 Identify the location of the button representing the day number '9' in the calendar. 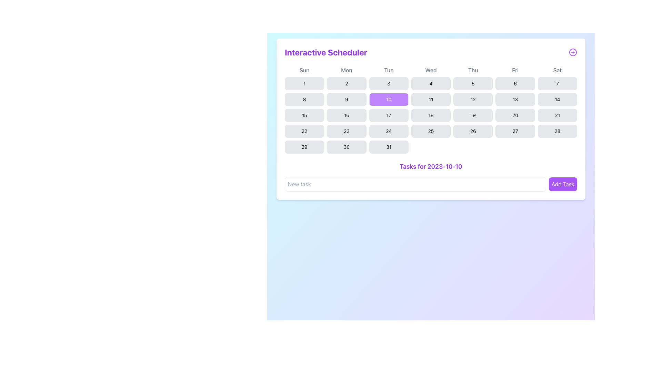
(347, 100).